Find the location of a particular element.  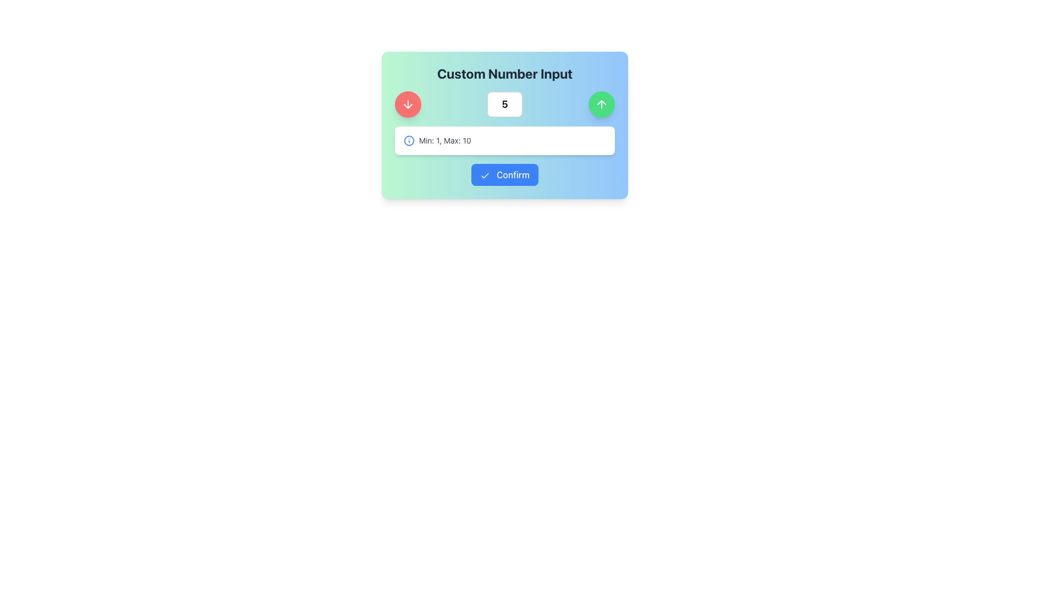

the confirmation button located at the bottom center of the colorful card element to trigger the submission of the user's selection is located at coordinates (504, 174).